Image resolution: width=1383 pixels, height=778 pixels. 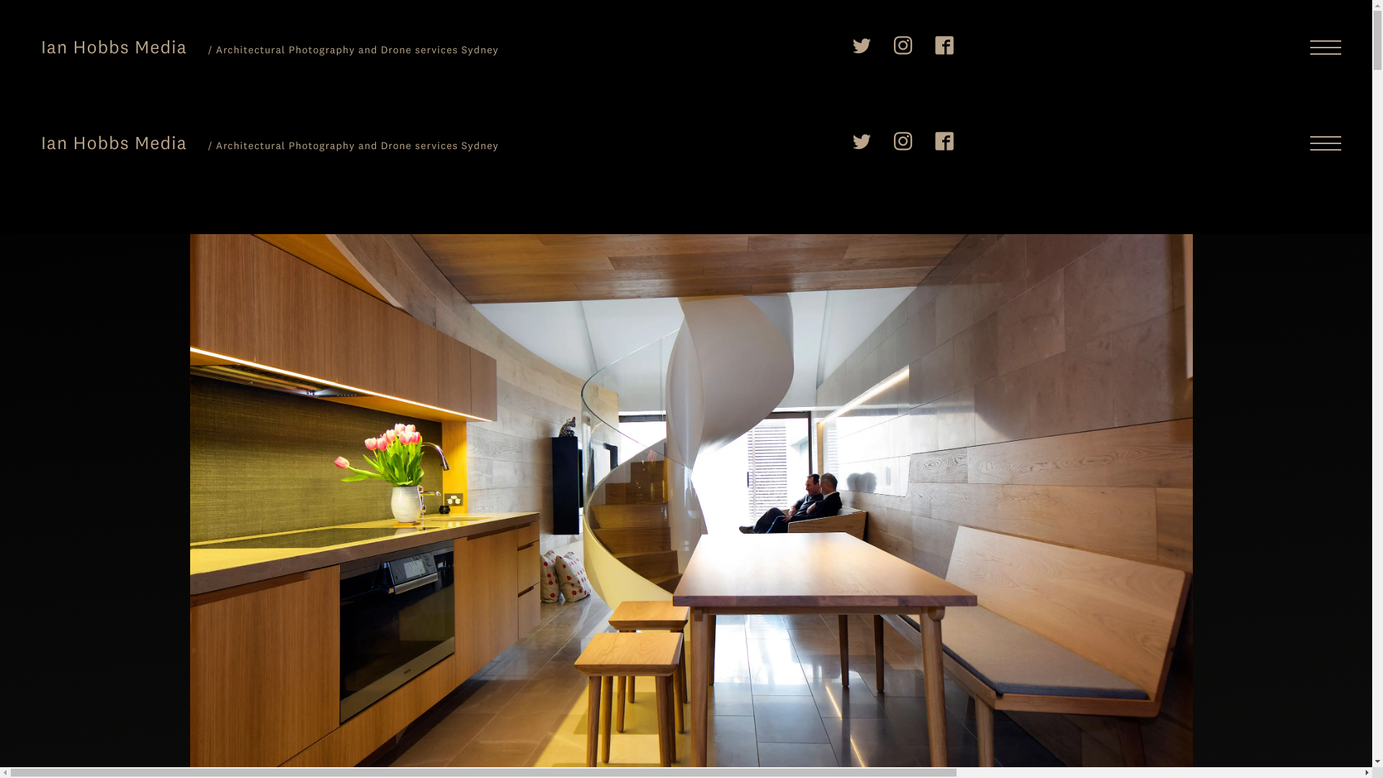 I want to click on 'Menu', so click(x=1310, y=46).